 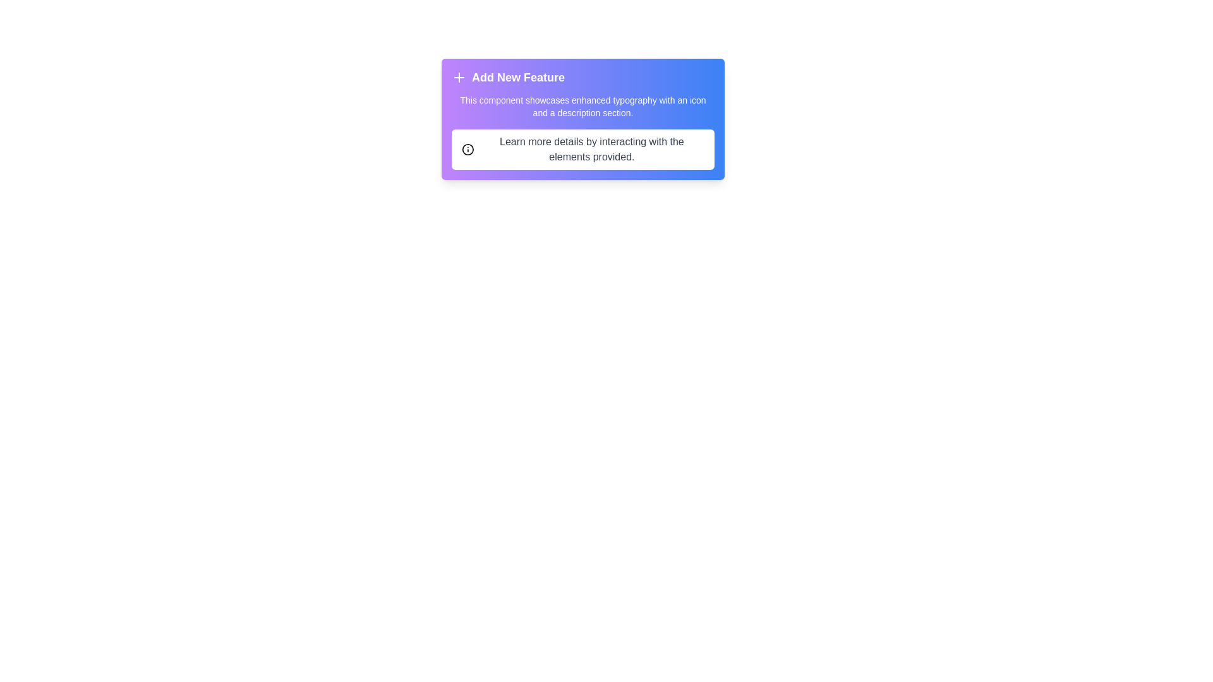 I want to click on the small, white plus symbol icon positioned to the left of the 'Add New Feature' title text, so click(x=458, y=78).